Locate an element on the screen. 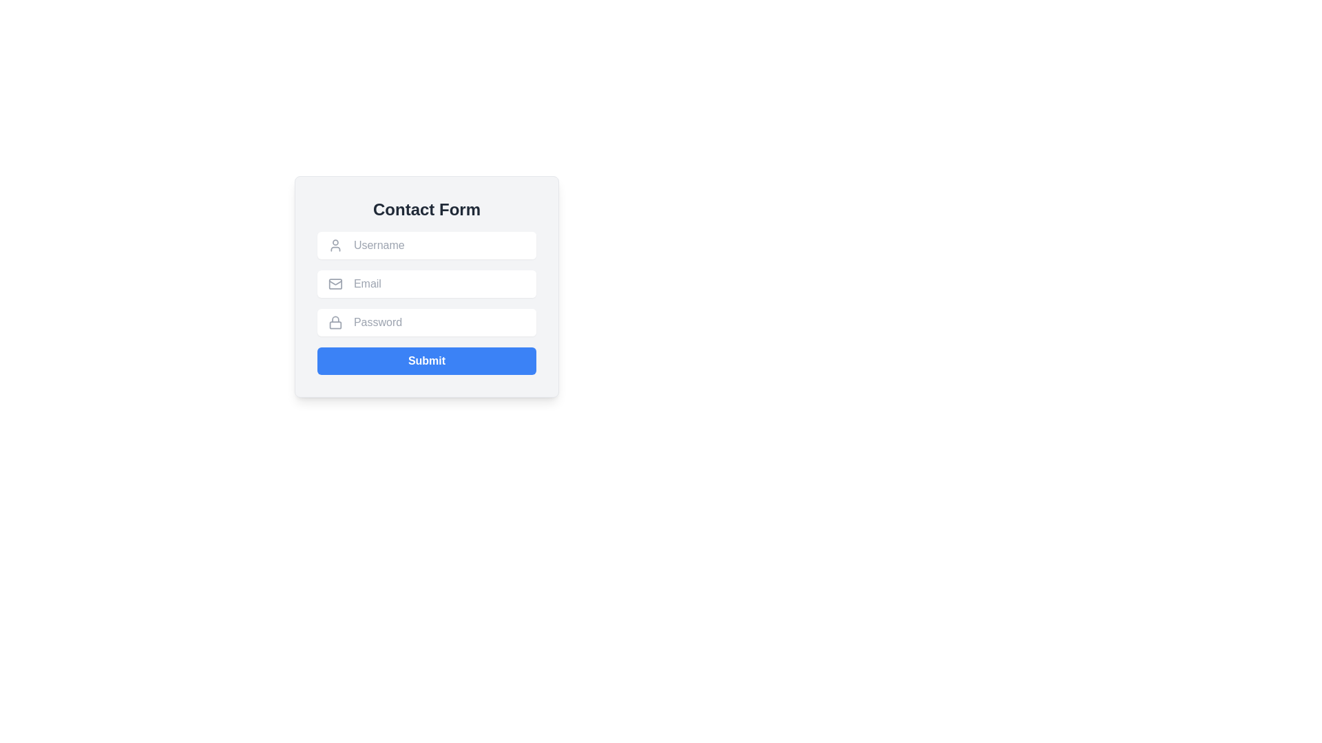  the lock icon located to the far-left within the password input field in the contact form, indicating the purpose of the input field as a password entry is located at coordinates (335, 323).